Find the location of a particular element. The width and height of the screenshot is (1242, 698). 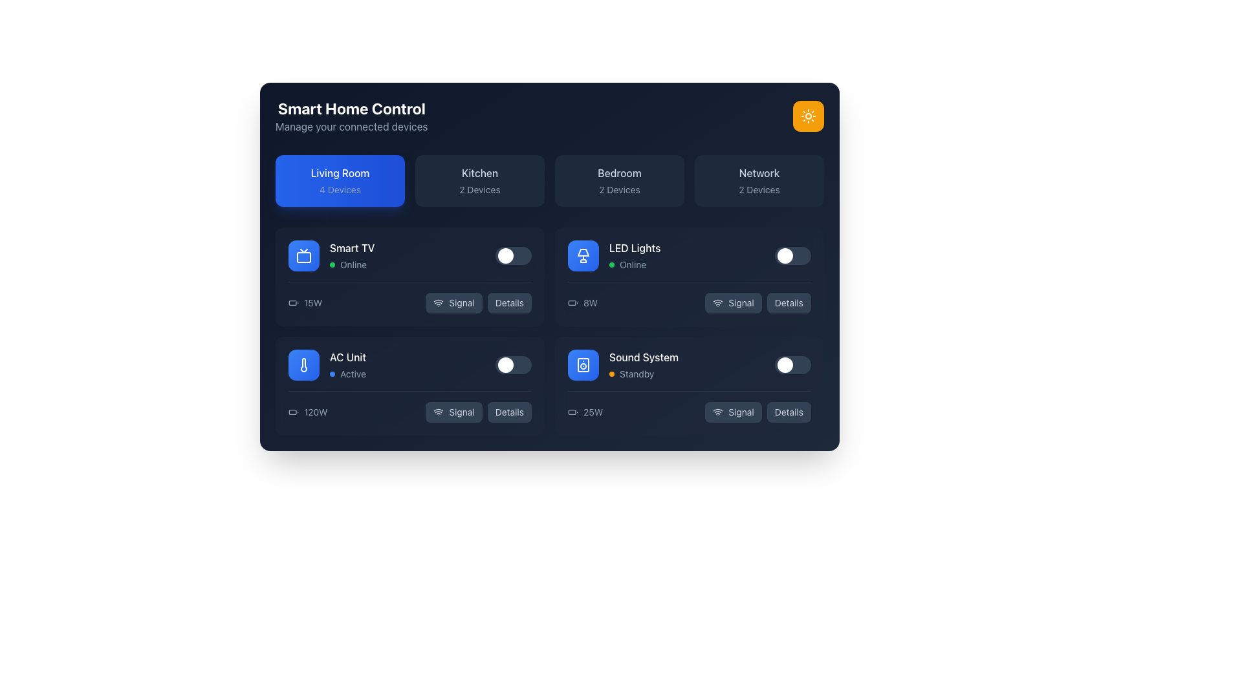

the appearance of the television icon located in the upper left corner of the 'Smart TV' section under the 'Living Room' category is located at coordinates (303, 256).